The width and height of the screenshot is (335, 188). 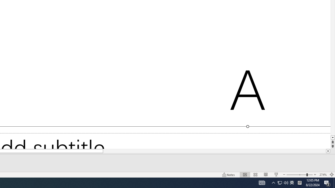 I want to click on 'Zoom 274%', so click(x=323, y=175).